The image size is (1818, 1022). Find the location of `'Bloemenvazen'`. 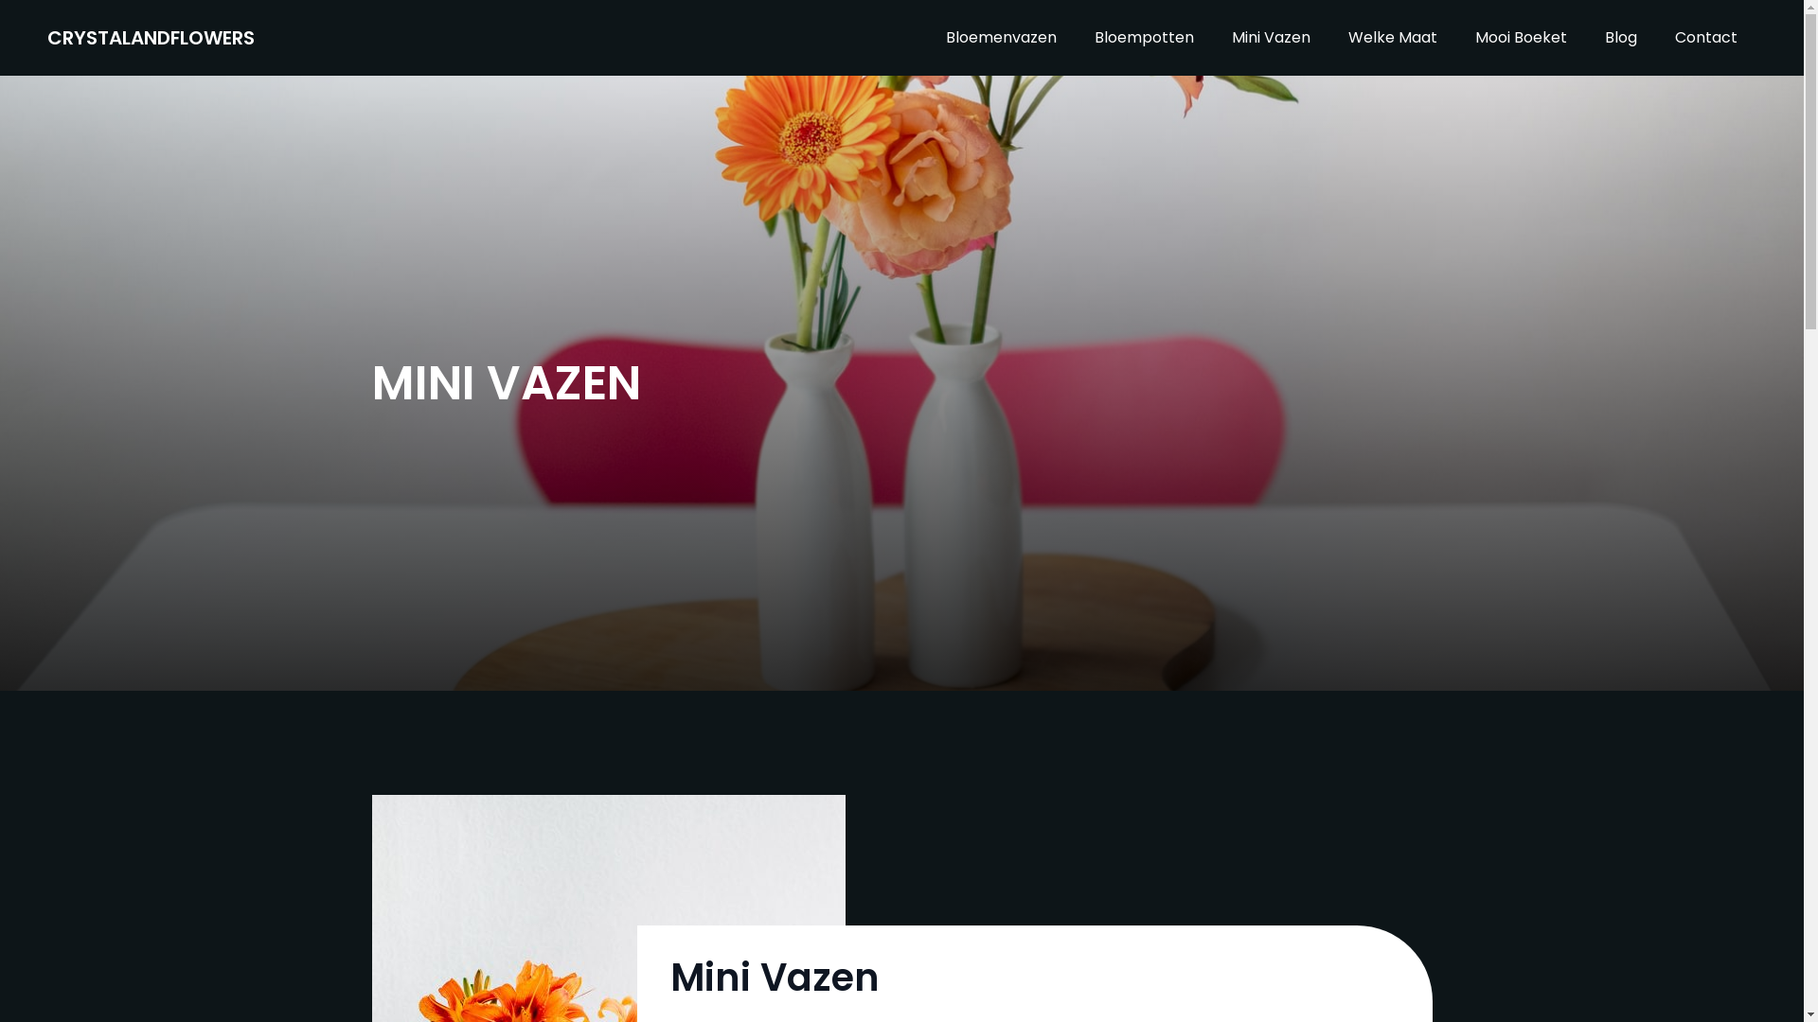

'Bloemenvazen' is located at coordinates (927, 37).